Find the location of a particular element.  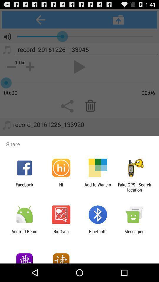

add to wanelo is located at coordinates (98, 187).